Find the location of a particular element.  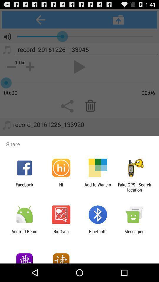

add to wanelo is located at coordinates (98, 187).